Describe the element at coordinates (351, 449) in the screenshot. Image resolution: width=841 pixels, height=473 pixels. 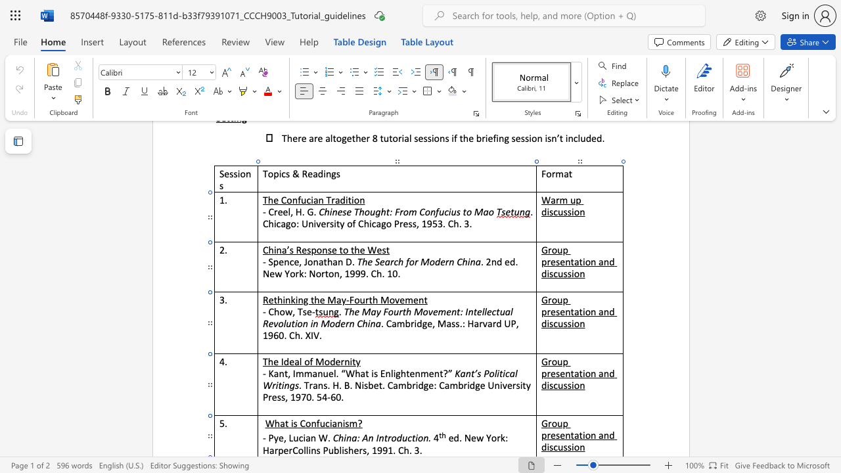
I see `the 1th character "h" in the text` at that location.